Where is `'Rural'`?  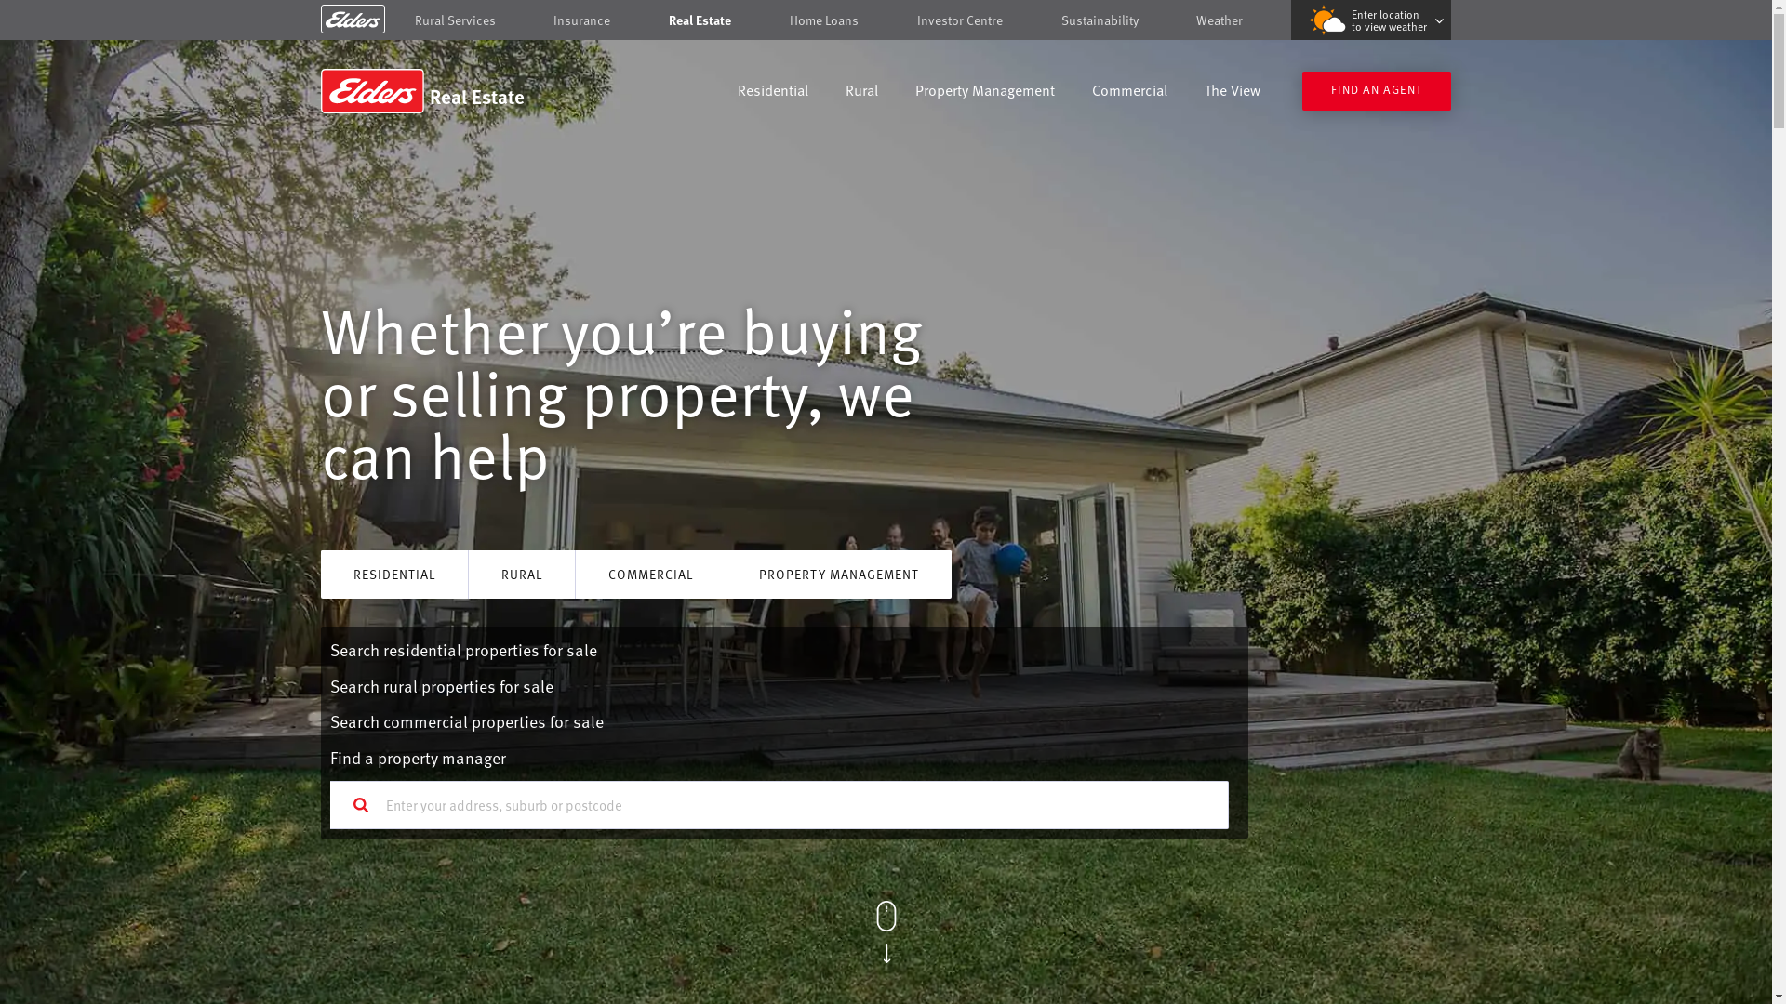
'Rural' is located at coordinates (860, 92).